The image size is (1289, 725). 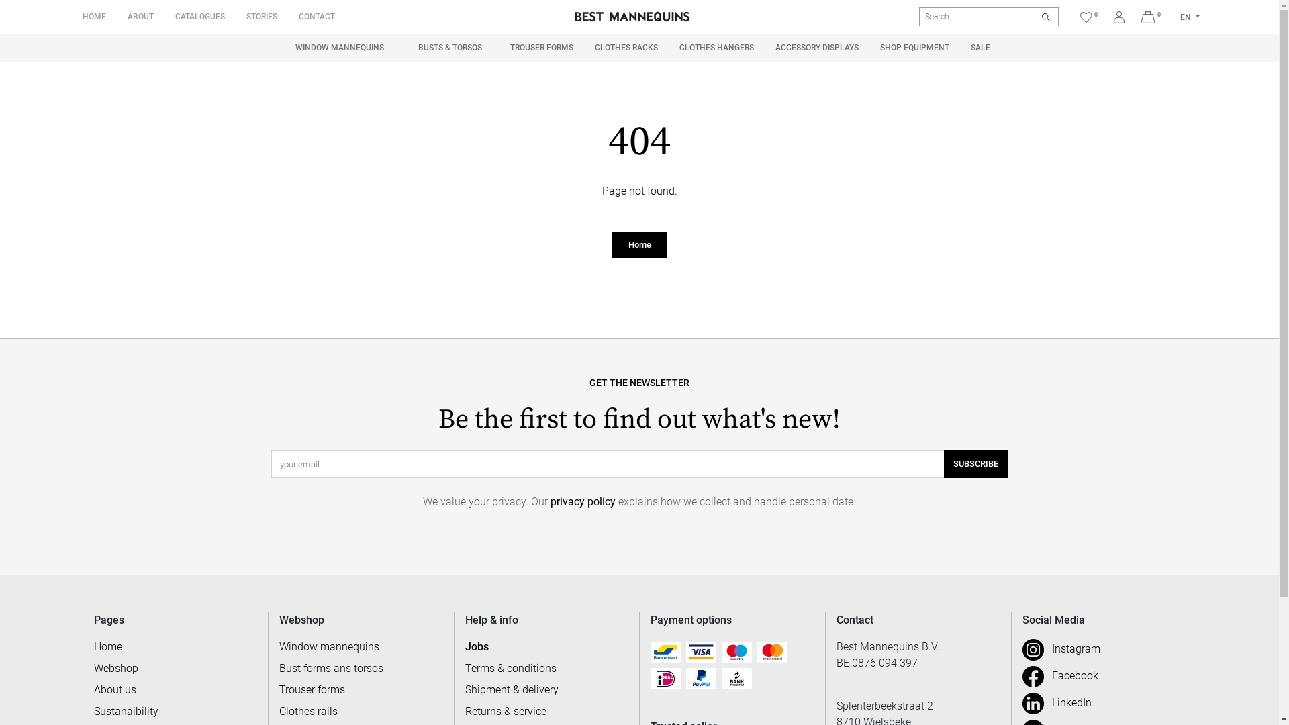 I want to click on 'Webshop', so click(x=115, y=668).